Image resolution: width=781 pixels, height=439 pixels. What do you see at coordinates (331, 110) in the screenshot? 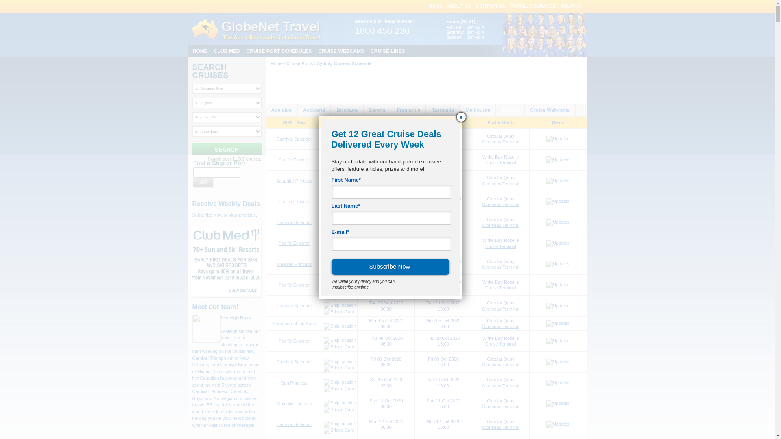
I see `'Brisbane'` at bounding box center [331, 110].